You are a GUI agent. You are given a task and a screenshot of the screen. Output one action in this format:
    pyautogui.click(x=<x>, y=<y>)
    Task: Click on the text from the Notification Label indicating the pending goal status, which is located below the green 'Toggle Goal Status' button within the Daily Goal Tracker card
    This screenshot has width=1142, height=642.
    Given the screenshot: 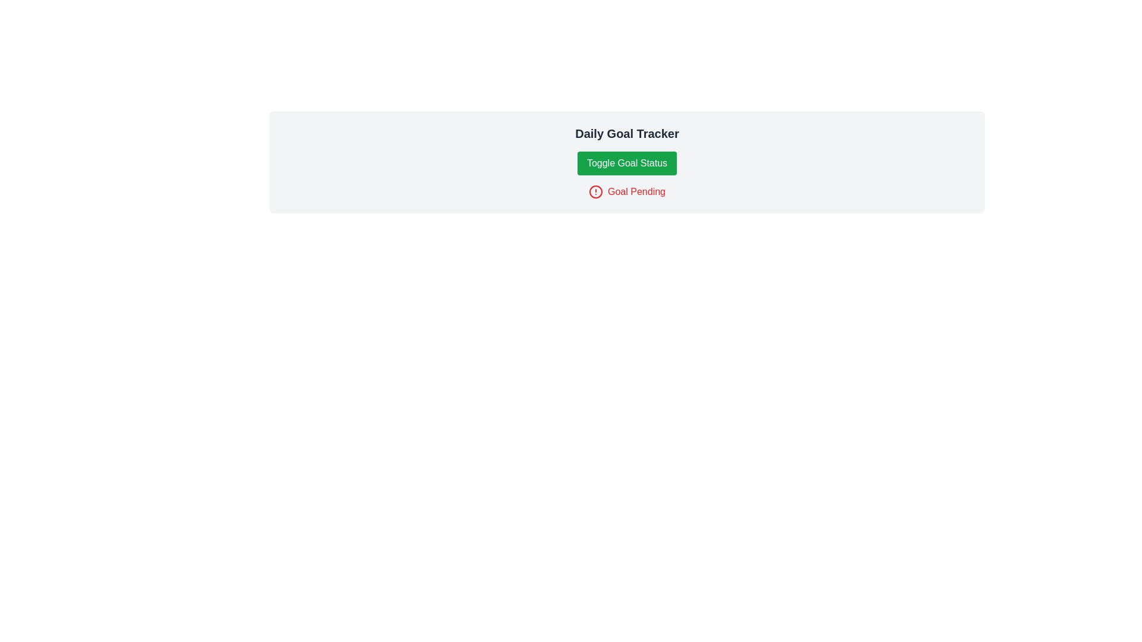 What is the action you would take?
    pyautogui.click(x=626, y=191)
    